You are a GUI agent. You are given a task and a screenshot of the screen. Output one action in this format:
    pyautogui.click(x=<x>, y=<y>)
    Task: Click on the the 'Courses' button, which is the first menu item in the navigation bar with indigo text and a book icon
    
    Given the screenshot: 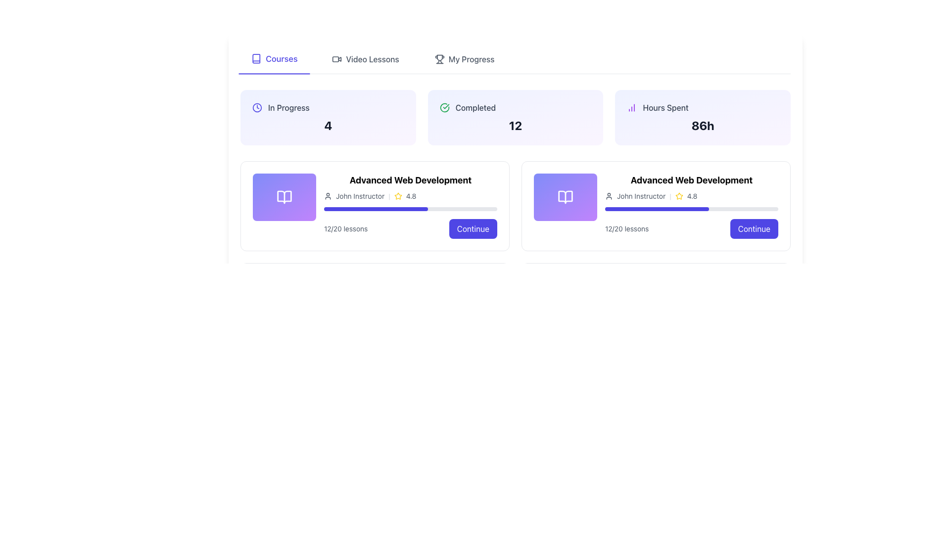 What is the action you would take?
    pyautogui.click(x=274, y=59)
    